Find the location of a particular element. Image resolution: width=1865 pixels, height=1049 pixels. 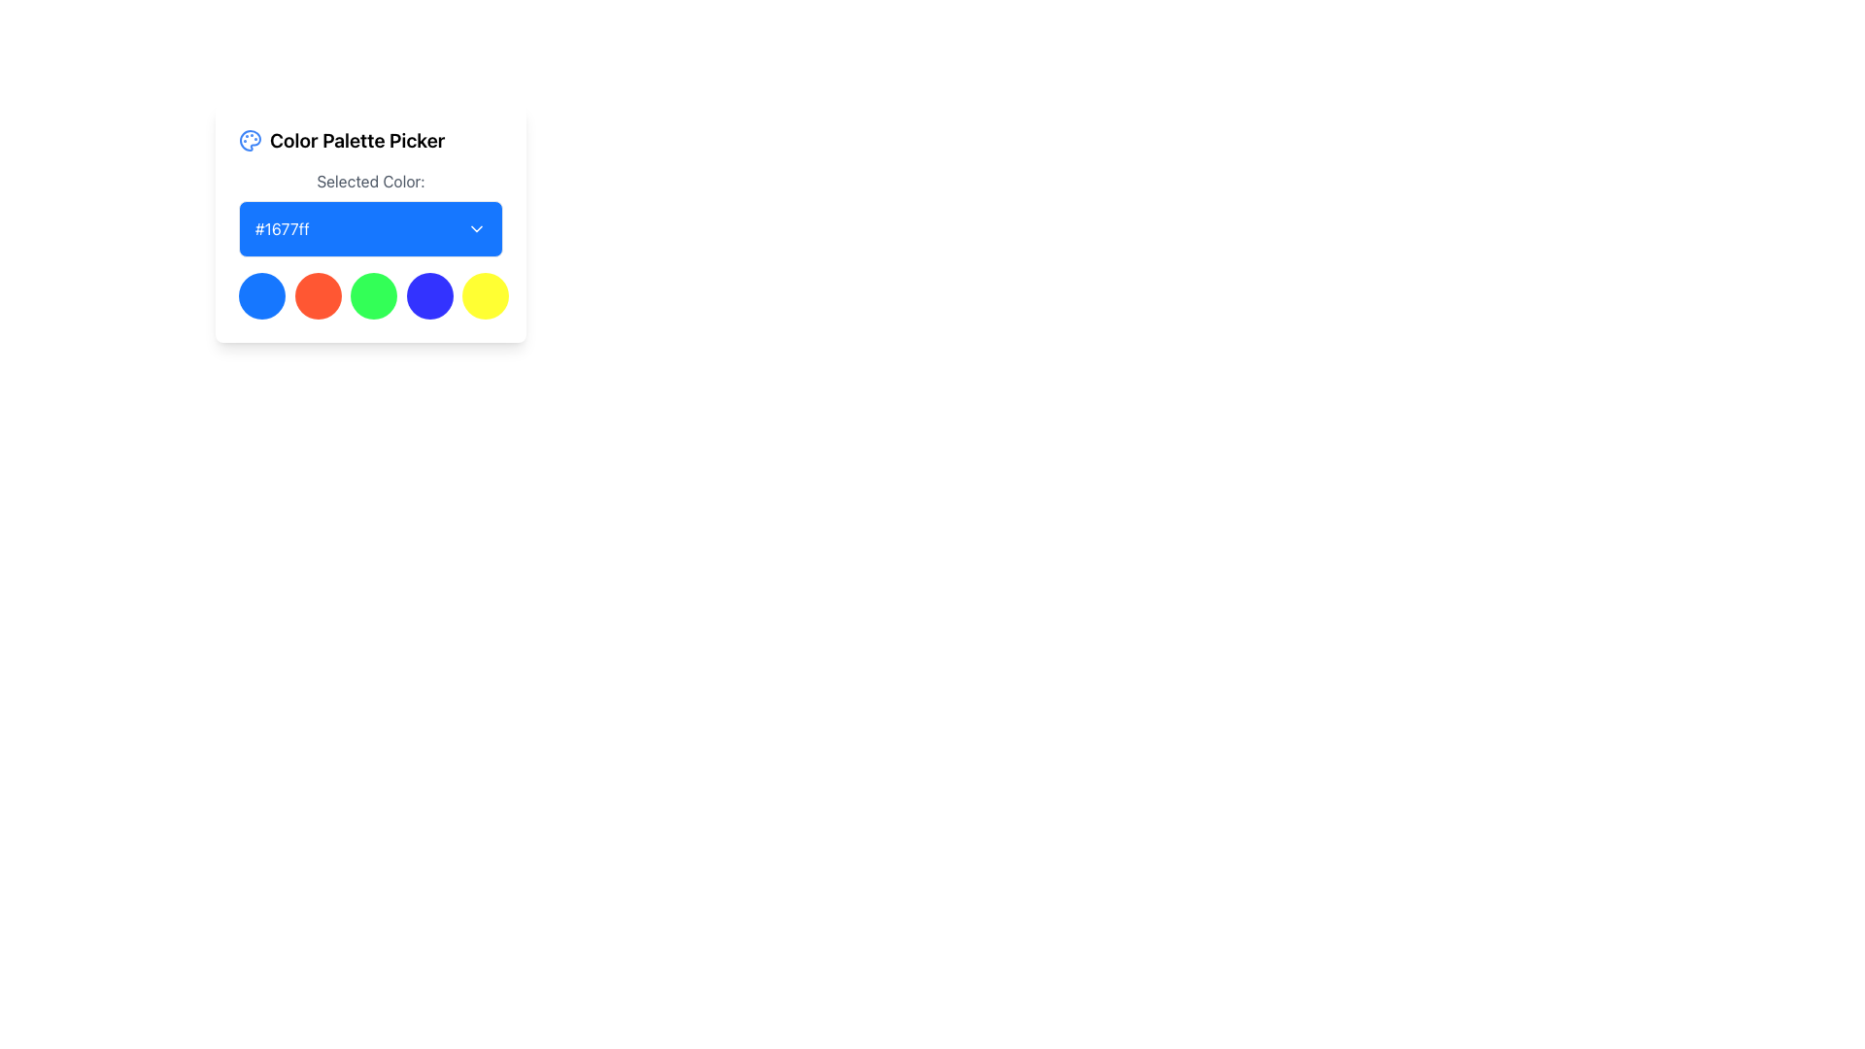

keyboard navigation is located at coordinates (428, 295).